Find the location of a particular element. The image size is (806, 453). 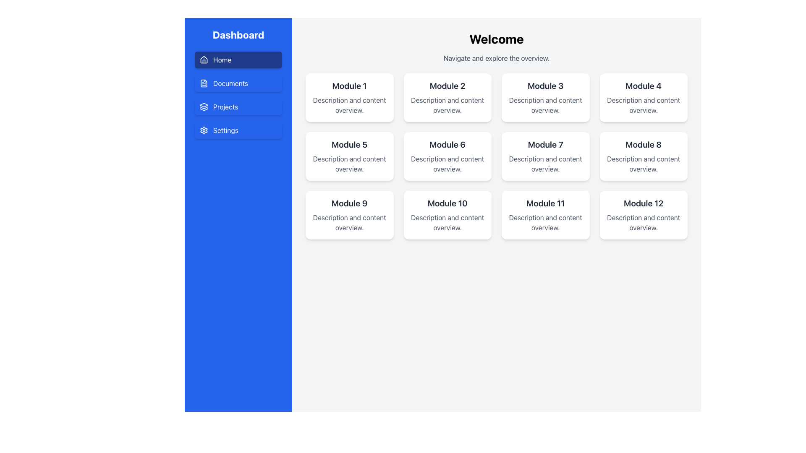

the settings icon in the side navigation menu to possibly display a tooltip is located at coordinates (204, 130).